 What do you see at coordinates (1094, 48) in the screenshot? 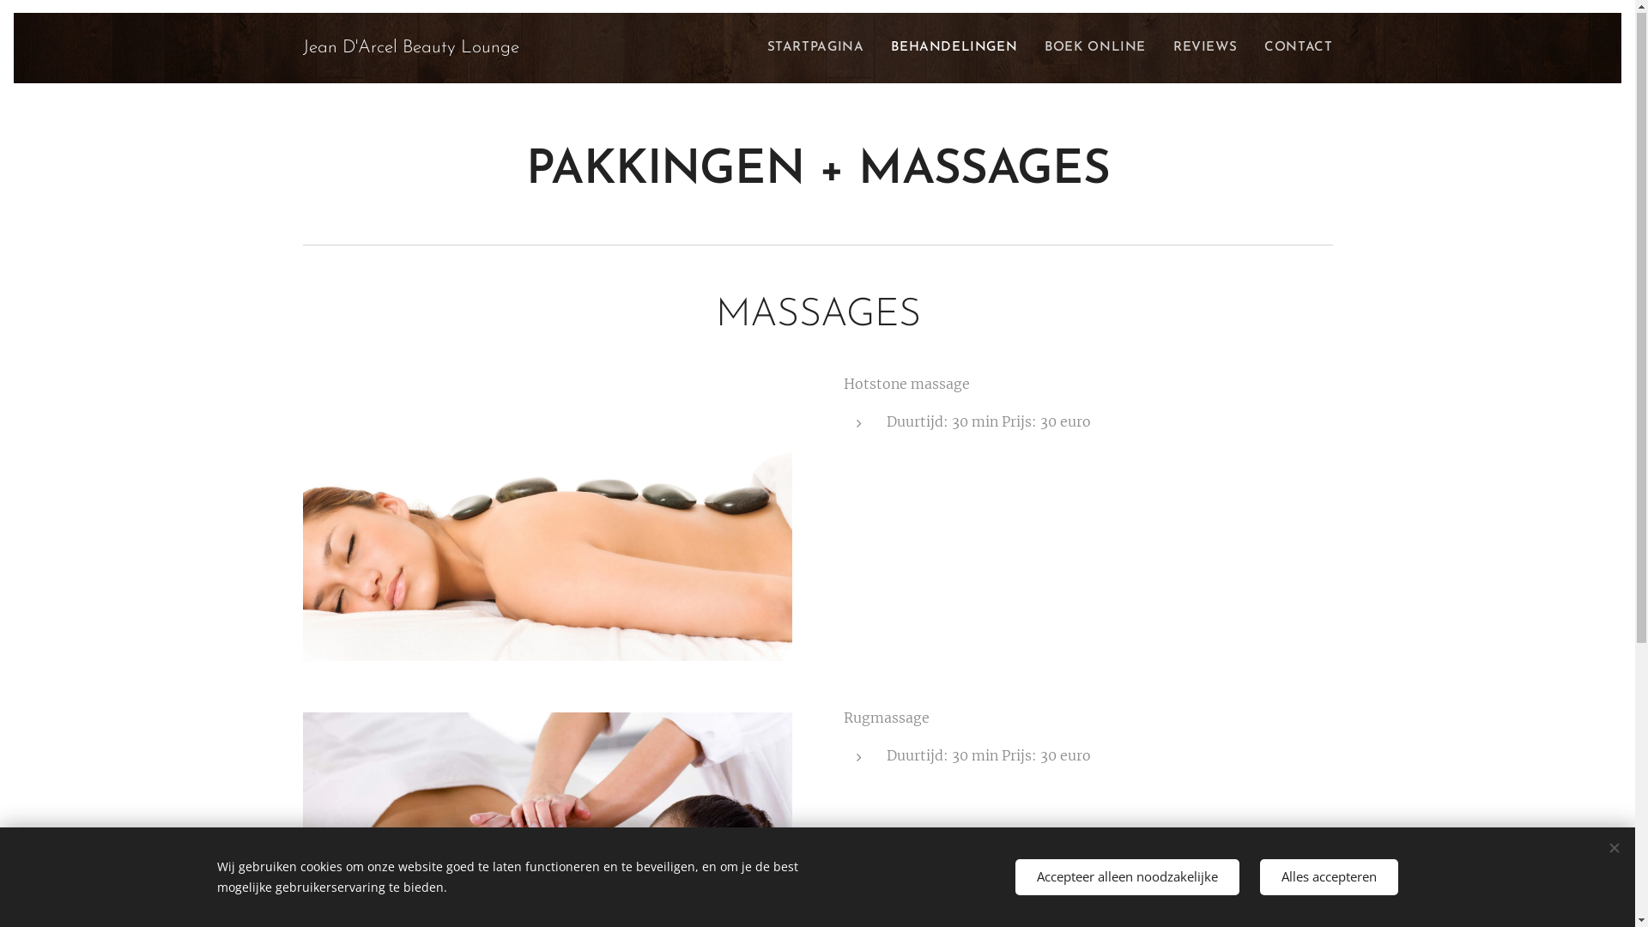
I see `'BOEK ONLINE'` at bounding box center [1094, 48].